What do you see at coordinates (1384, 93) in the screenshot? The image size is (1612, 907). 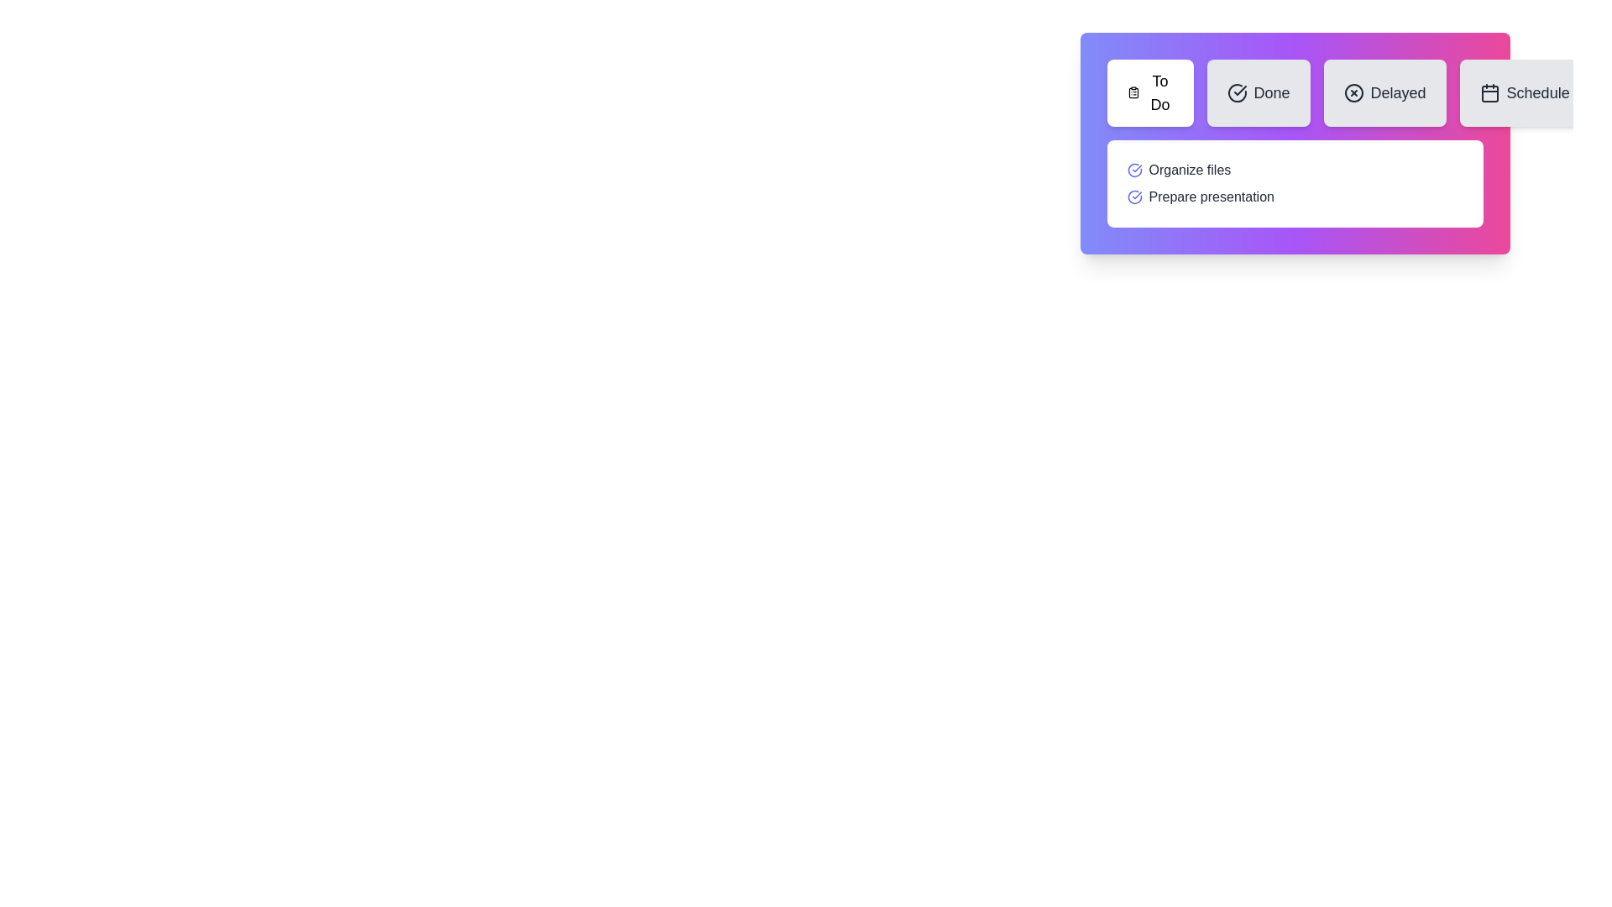 I see `the Delayed tab by clicking its respective button` at bounding box center [1384, 93].